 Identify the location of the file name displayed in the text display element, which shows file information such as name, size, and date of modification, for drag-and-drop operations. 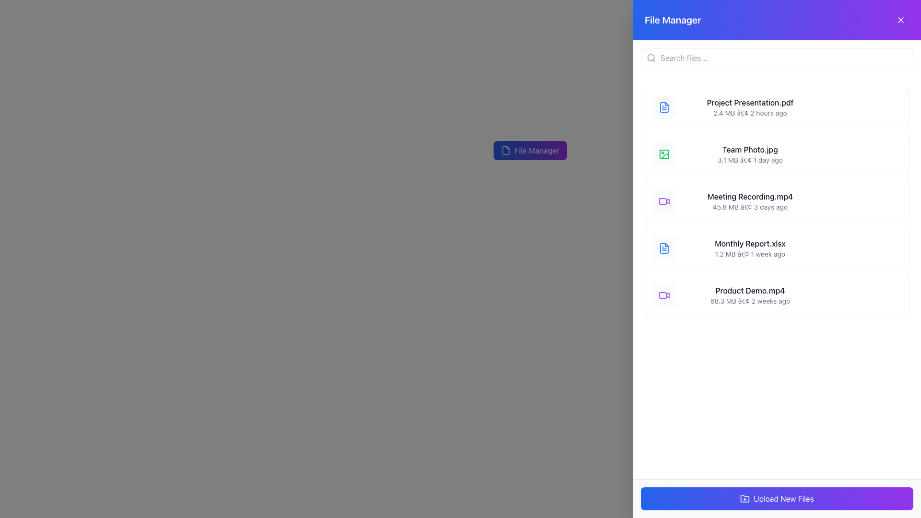
(750, 295).